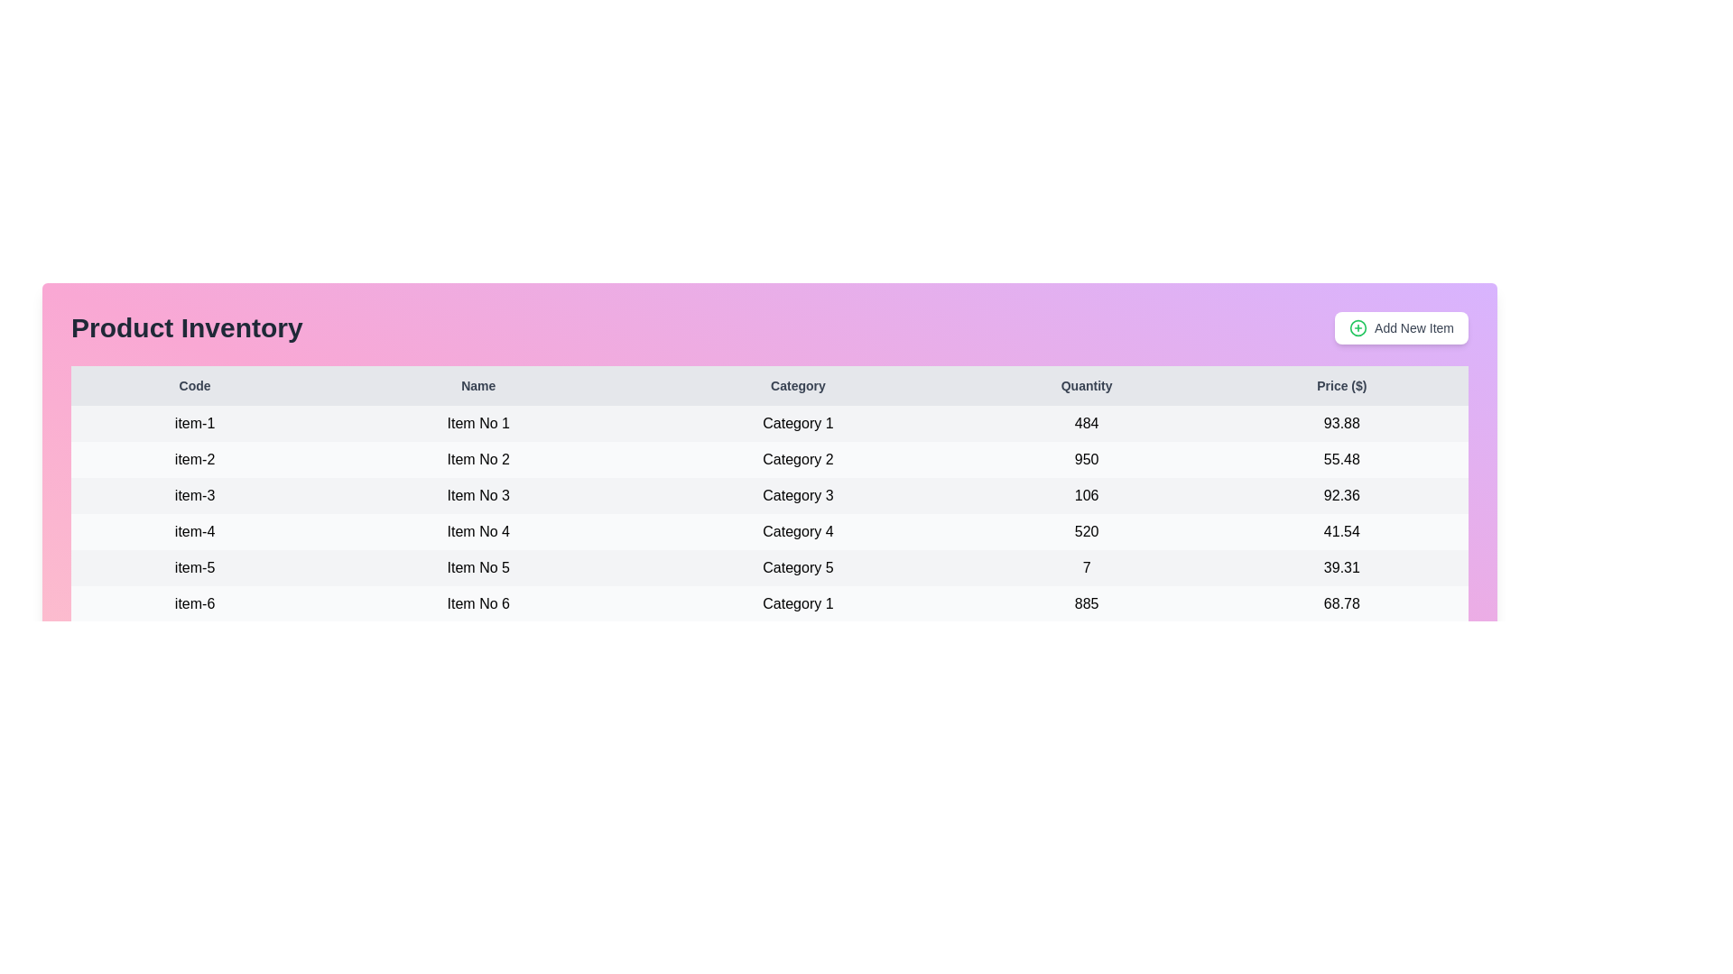 This screenshot has height=974, width=1733. What do you see at coordinates (195, 385) in the screenshot?
I see `the table header Code to observe sorting functionality` at bounding box center [195, 385].